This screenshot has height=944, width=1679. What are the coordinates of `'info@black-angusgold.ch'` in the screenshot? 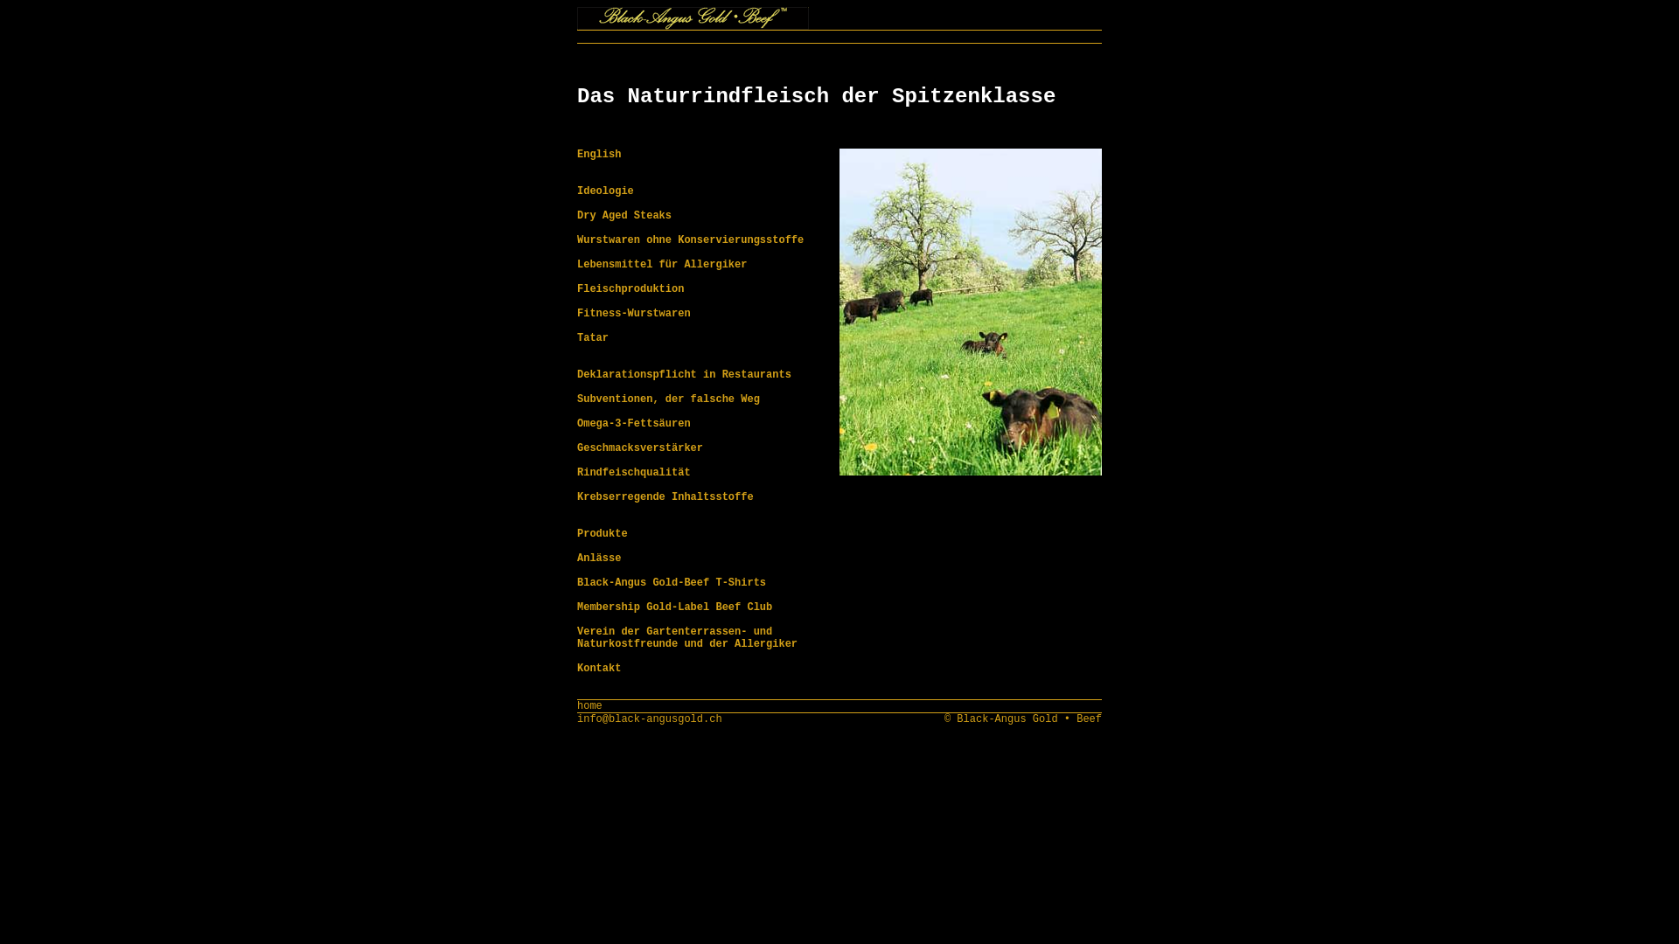 It's located at (649, 718).